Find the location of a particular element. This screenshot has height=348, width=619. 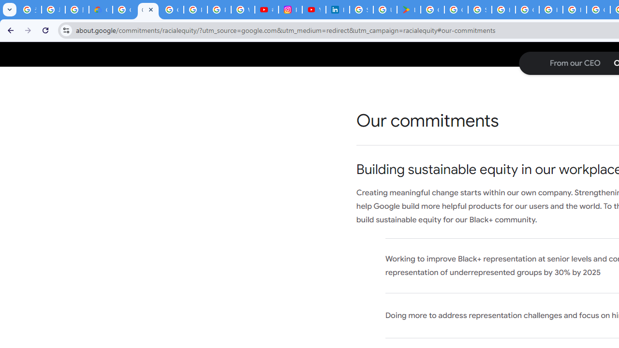

'#nbabasketballhighlights - YouTube' is located at coordinates (266, 10).